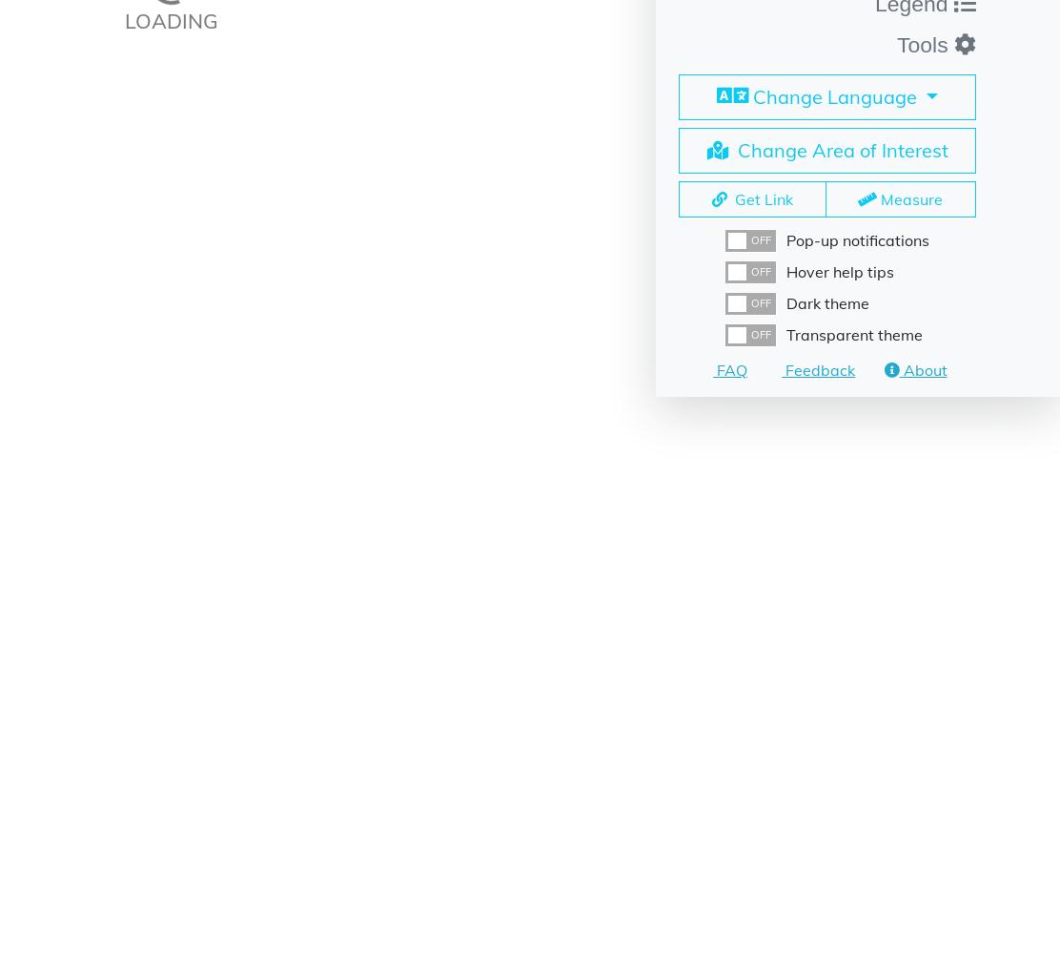  I want to click on 'Dark theme', so click(827, 302).